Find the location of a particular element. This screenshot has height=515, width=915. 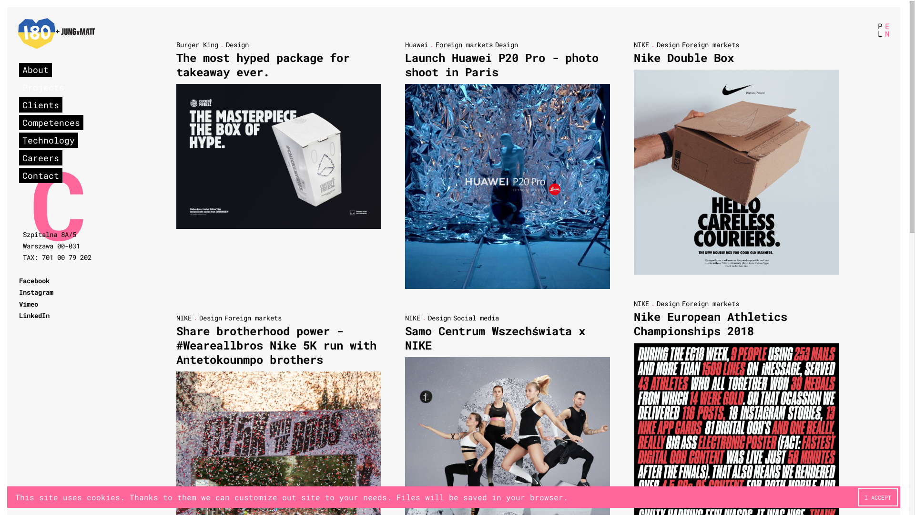

'Facebook' is located at coordinates (19, 281).